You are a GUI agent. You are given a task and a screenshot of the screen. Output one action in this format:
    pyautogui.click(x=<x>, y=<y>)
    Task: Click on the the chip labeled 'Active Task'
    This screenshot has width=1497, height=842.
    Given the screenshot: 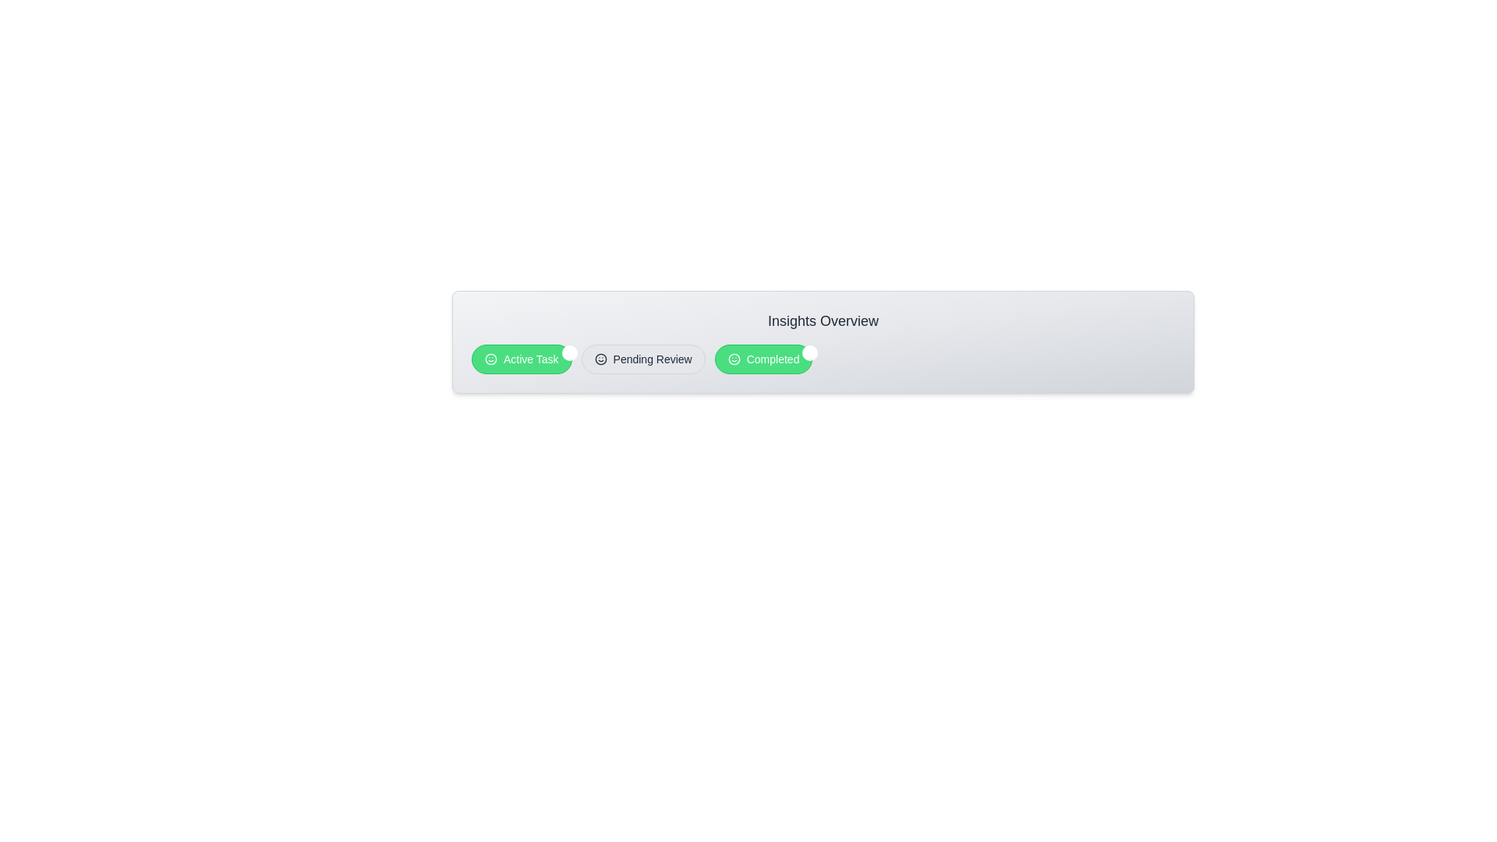 What is the action you would take?
    pyautogui.click(x=521, y=359)
    